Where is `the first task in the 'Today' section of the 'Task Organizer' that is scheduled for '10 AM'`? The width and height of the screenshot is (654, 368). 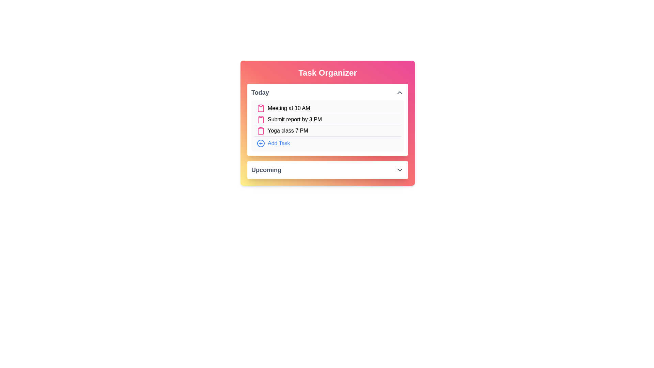 the first task in the 'Today' section of the 'Task Organizer' that is scheduled for '10 AM' is located at coordinates (327, 108).